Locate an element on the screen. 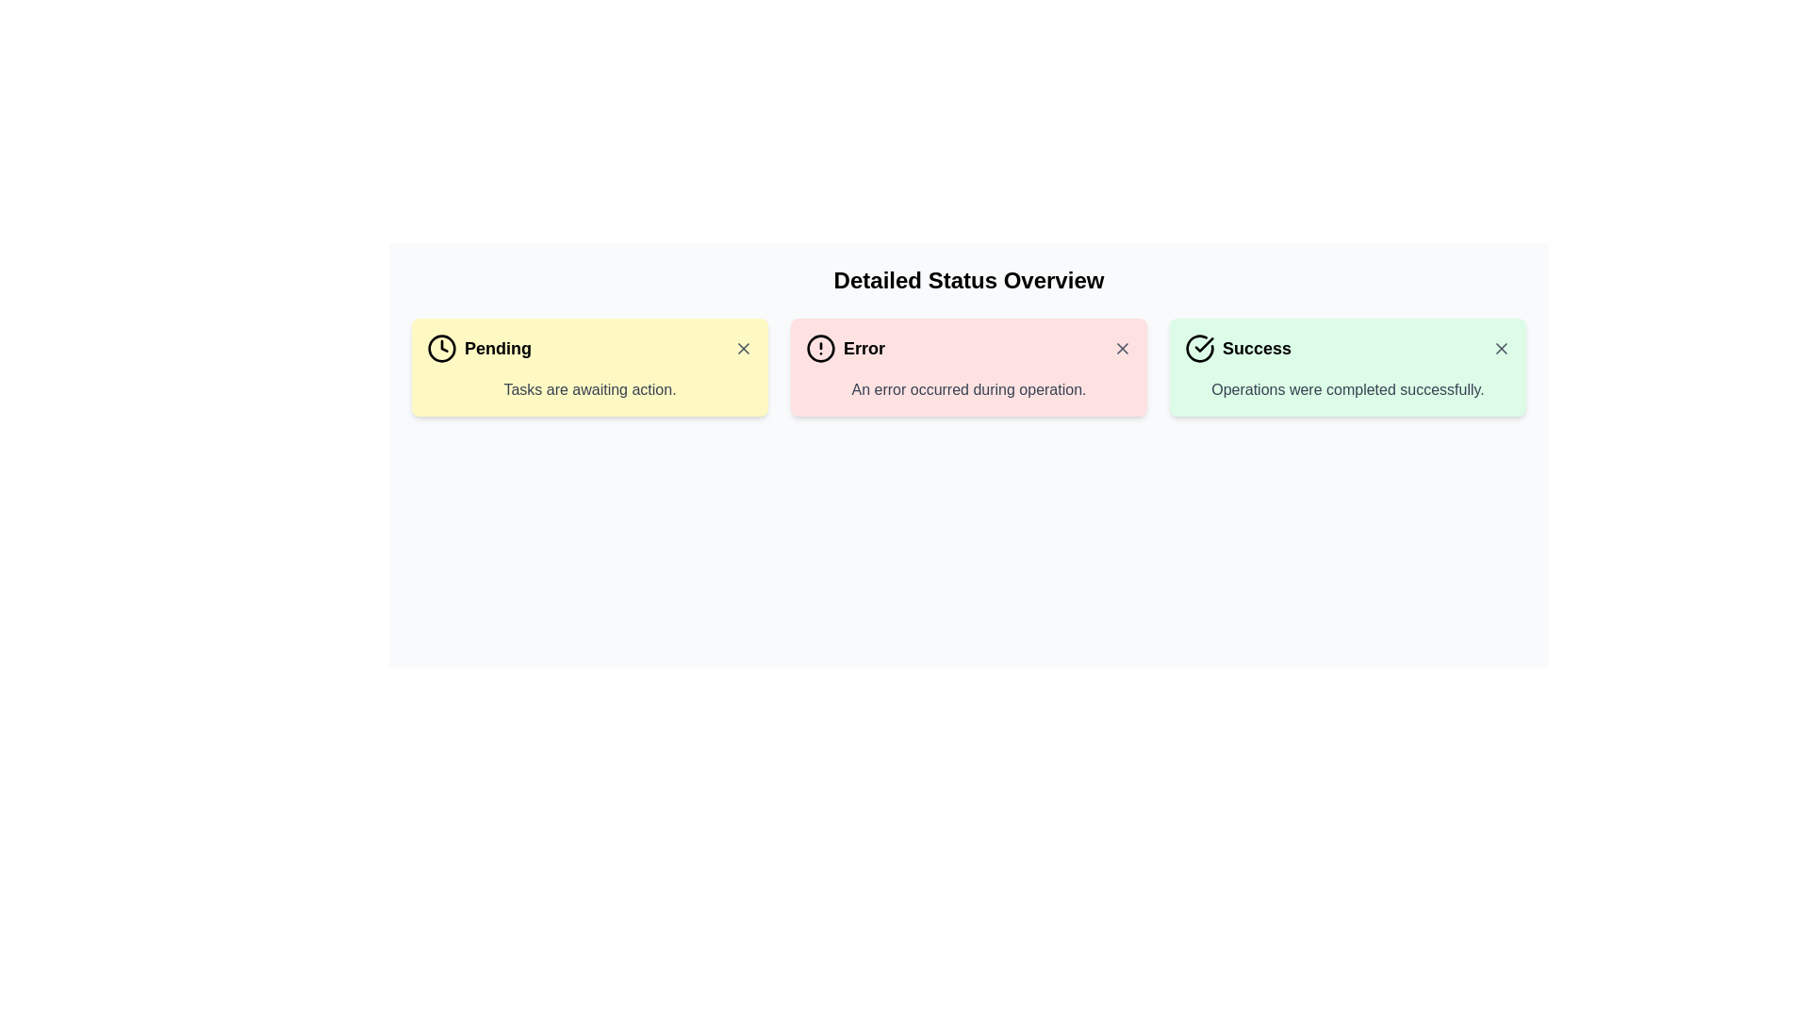 The height and width of the screenshot is (1018, 1810). the text label that reads 'Operations were completed successfully.' located below the 'Success' text within the success card in the top-right of the interface is located at coordinates (1347, 388).